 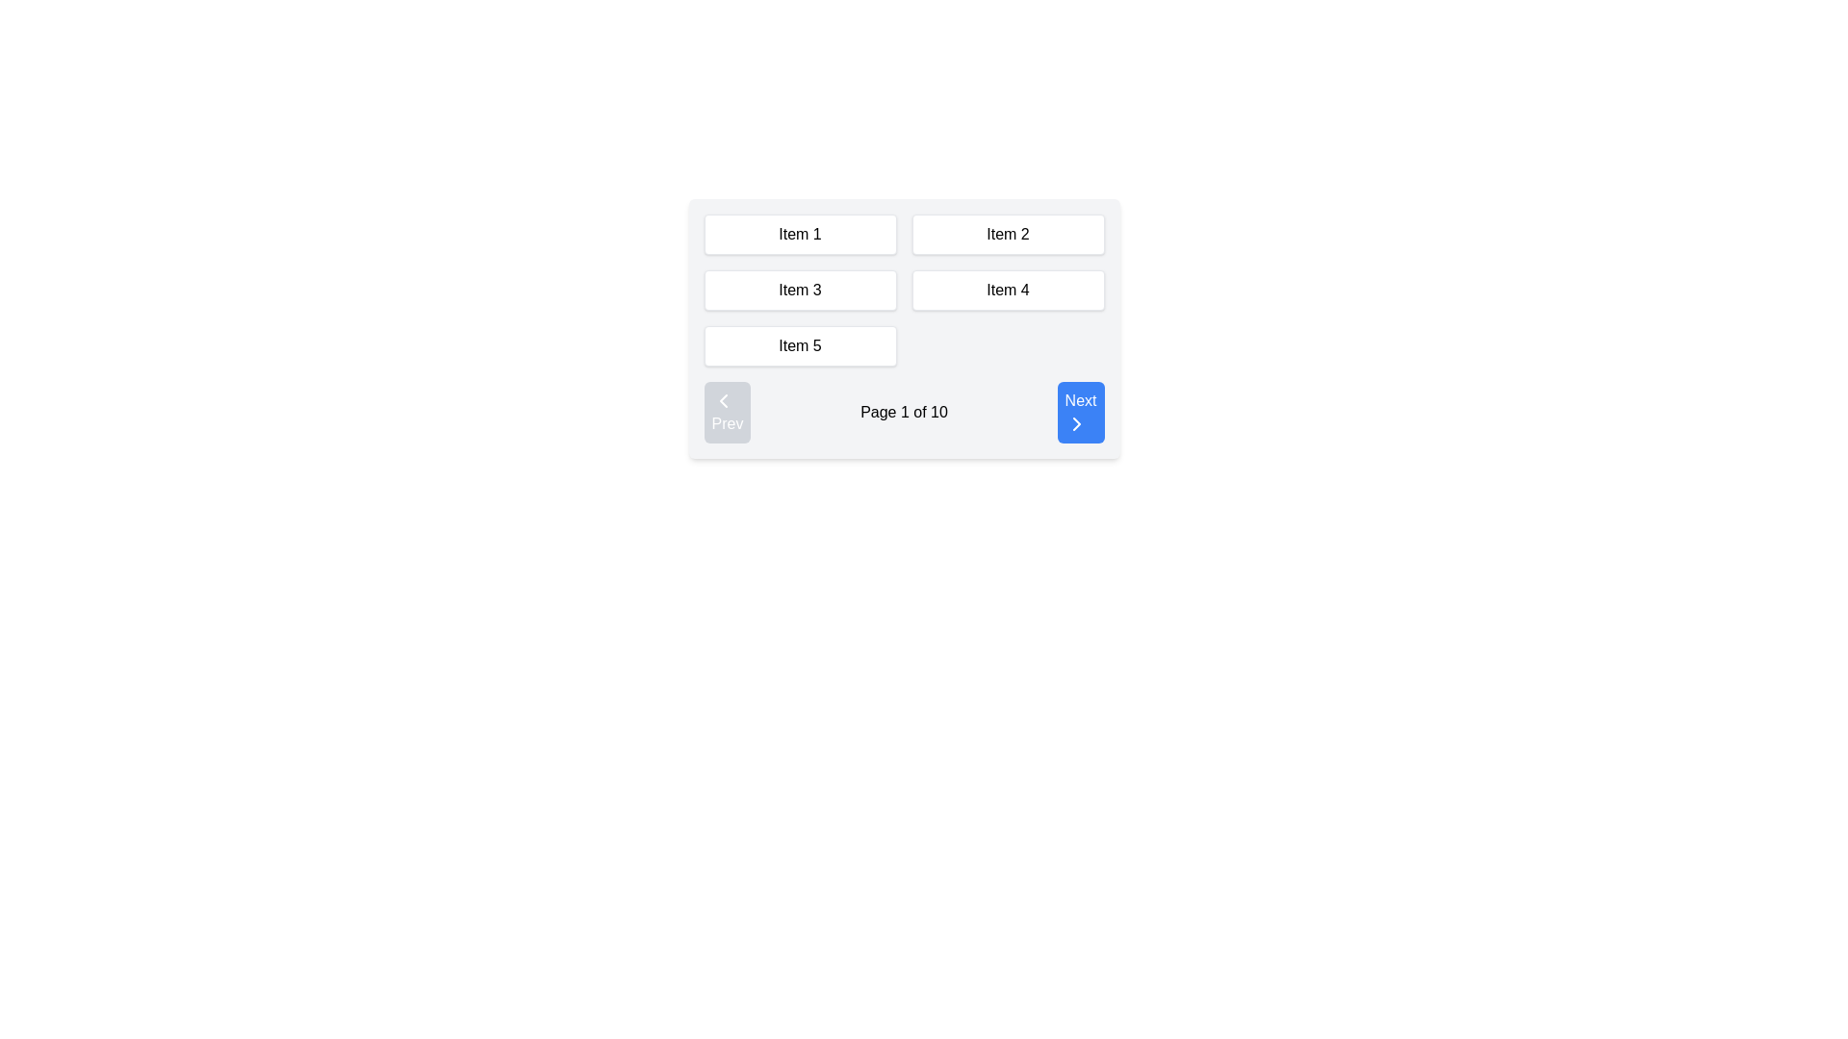 I want to click on the 'Next' button, which is a rectangular button with white text on a blue background and an arrow icon, located at the bottom-right corner of the content area, so click(x=1081, y=411).